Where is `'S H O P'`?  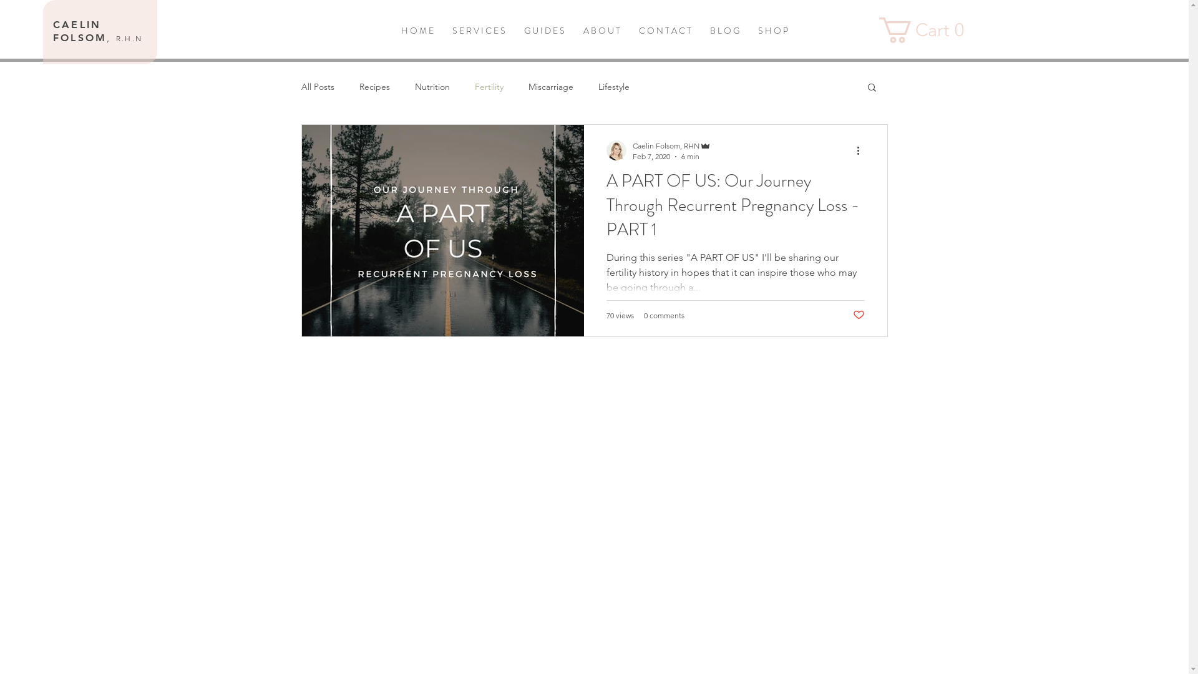
'S H O P' is located at coordinates (772, 30).